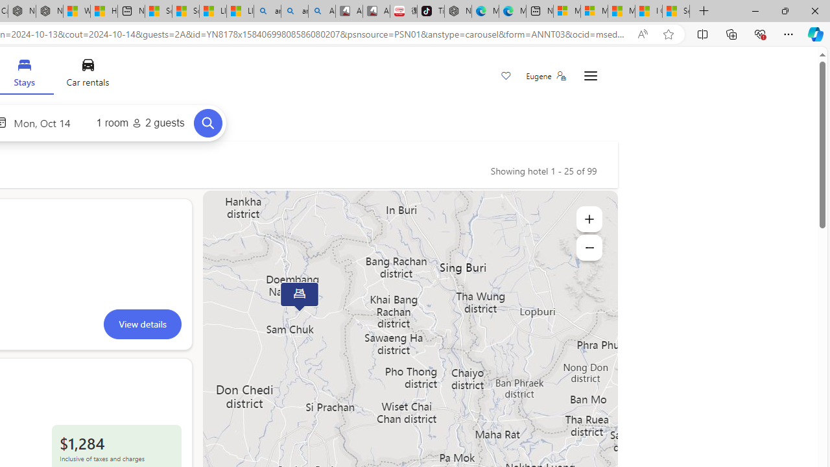 The height and width of the screenshot is (467, 830). I want to click on 'Save', so click(505, 77).